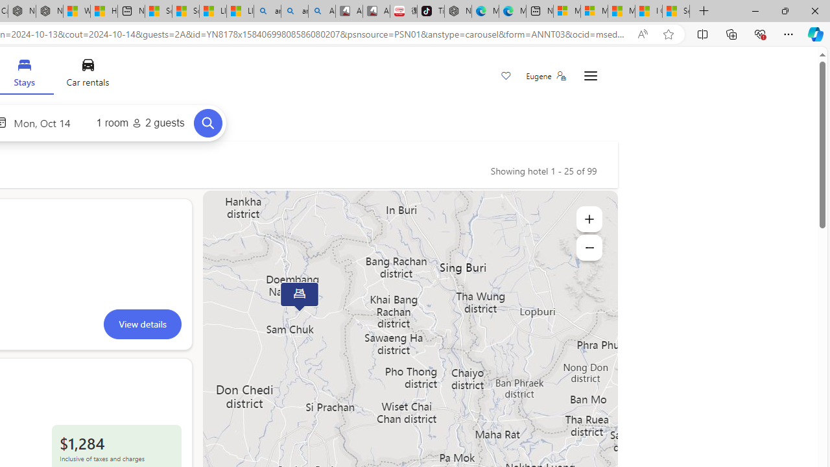 The height and width of the screenshot is (467, 830). I want to click on 'Save', so click(505, 77).